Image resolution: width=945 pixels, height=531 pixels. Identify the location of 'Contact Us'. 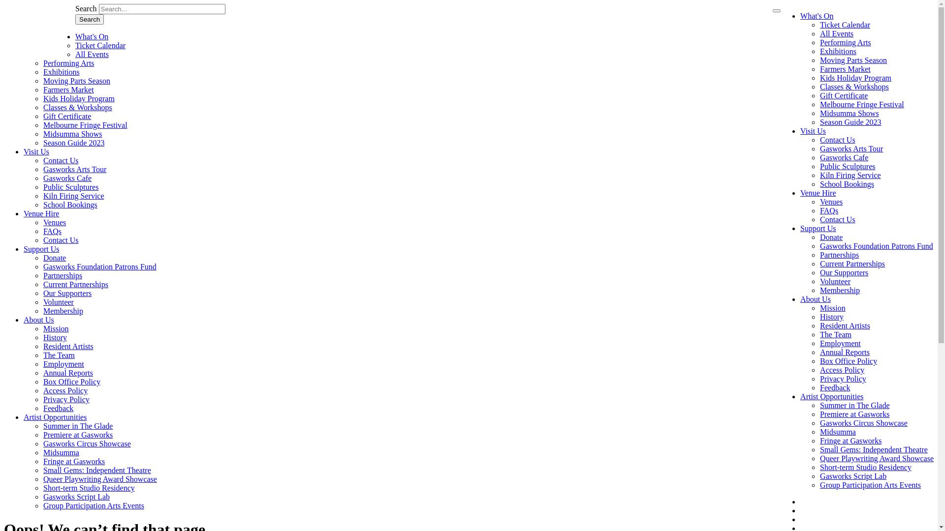
(61, 240).